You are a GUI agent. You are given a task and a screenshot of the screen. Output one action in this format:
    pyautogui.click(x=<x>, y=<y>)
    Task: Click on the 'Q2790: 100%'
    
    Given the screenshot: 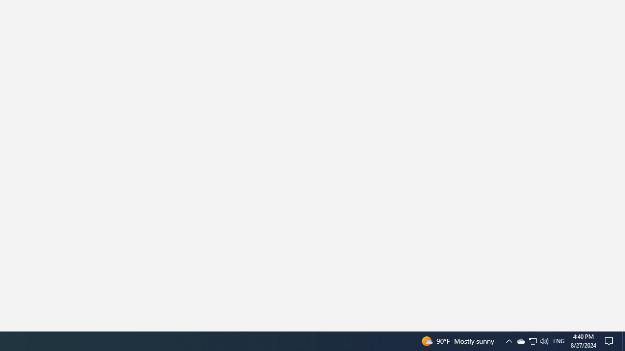 What is the action you would take?
    pyautogui.click(x=532, y=340)
    